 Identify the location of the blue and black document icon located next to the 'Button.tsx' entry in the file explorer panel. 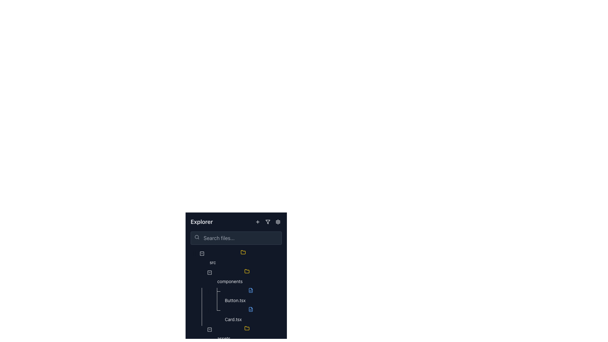
(250, 290).